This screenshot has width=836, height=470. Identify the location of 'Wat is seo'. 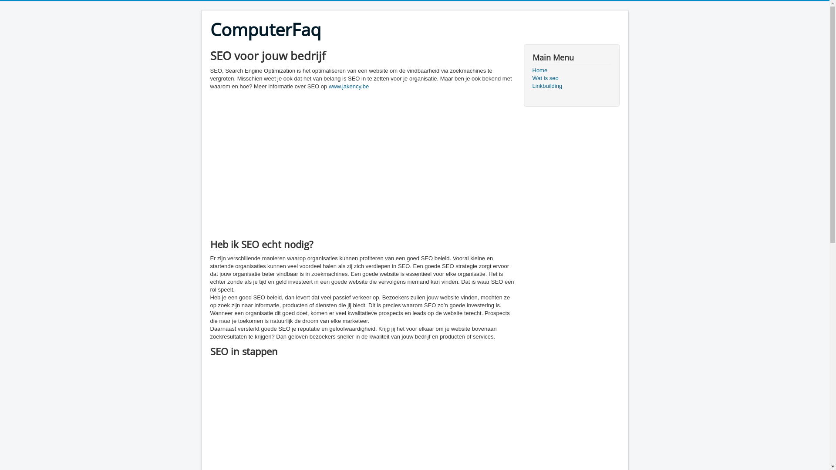
(532, 78).